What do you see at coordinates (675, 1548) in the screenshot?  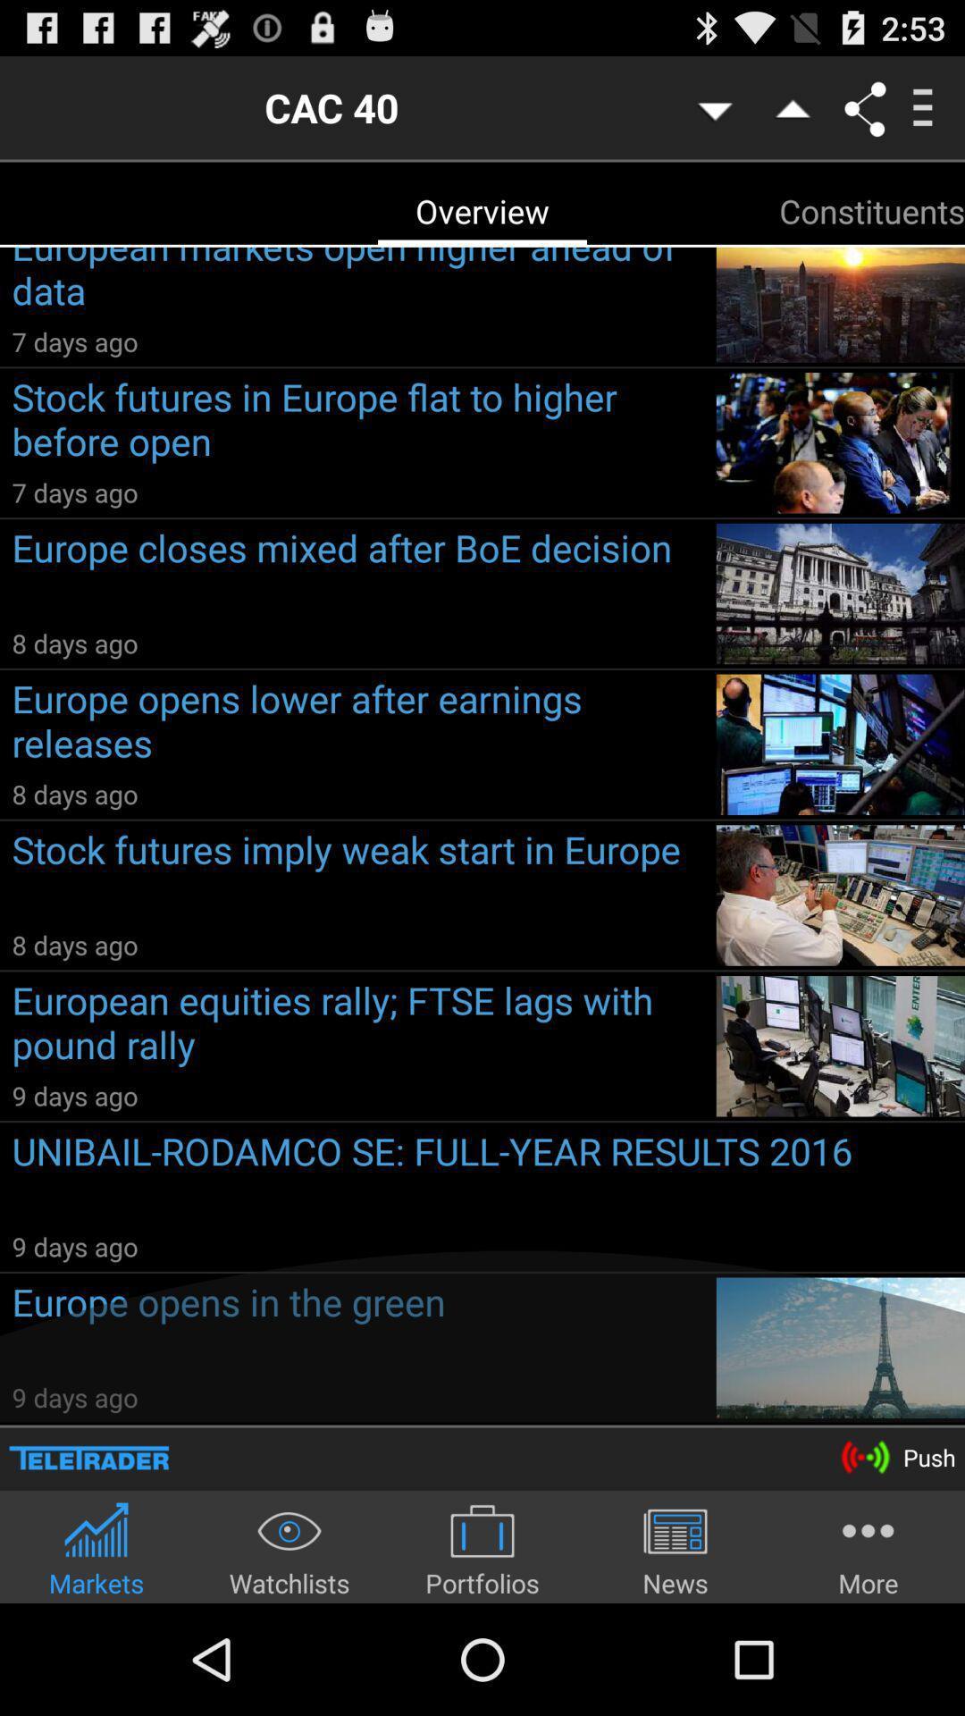 I see `the icon to the left of more item` at bounding box center [675, 1548].